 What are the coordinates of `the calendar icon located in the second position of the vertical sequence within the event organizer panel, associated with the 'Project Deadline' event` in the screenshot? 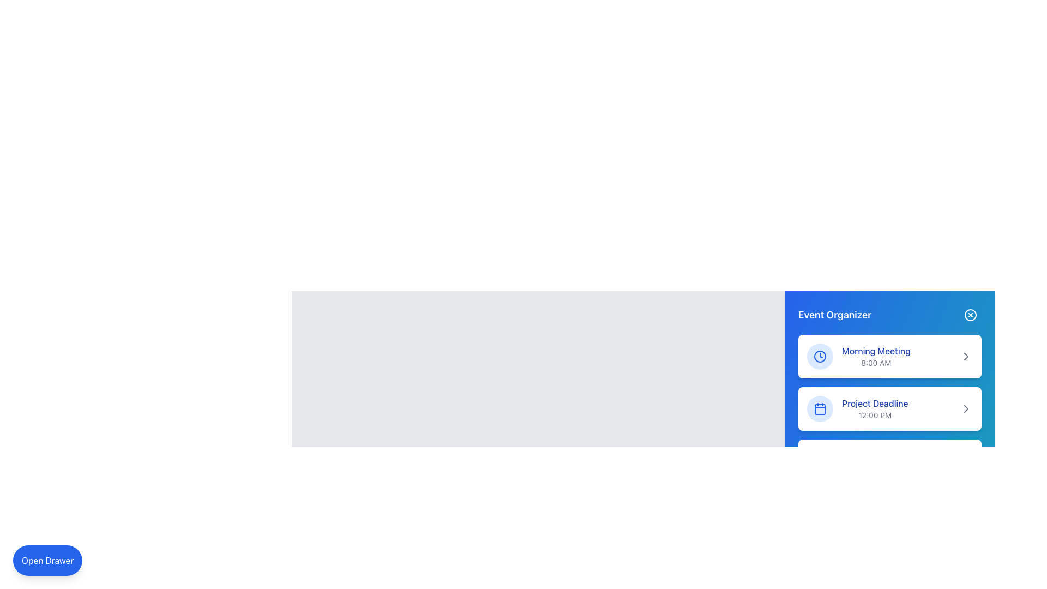 It's located at (820, 408).